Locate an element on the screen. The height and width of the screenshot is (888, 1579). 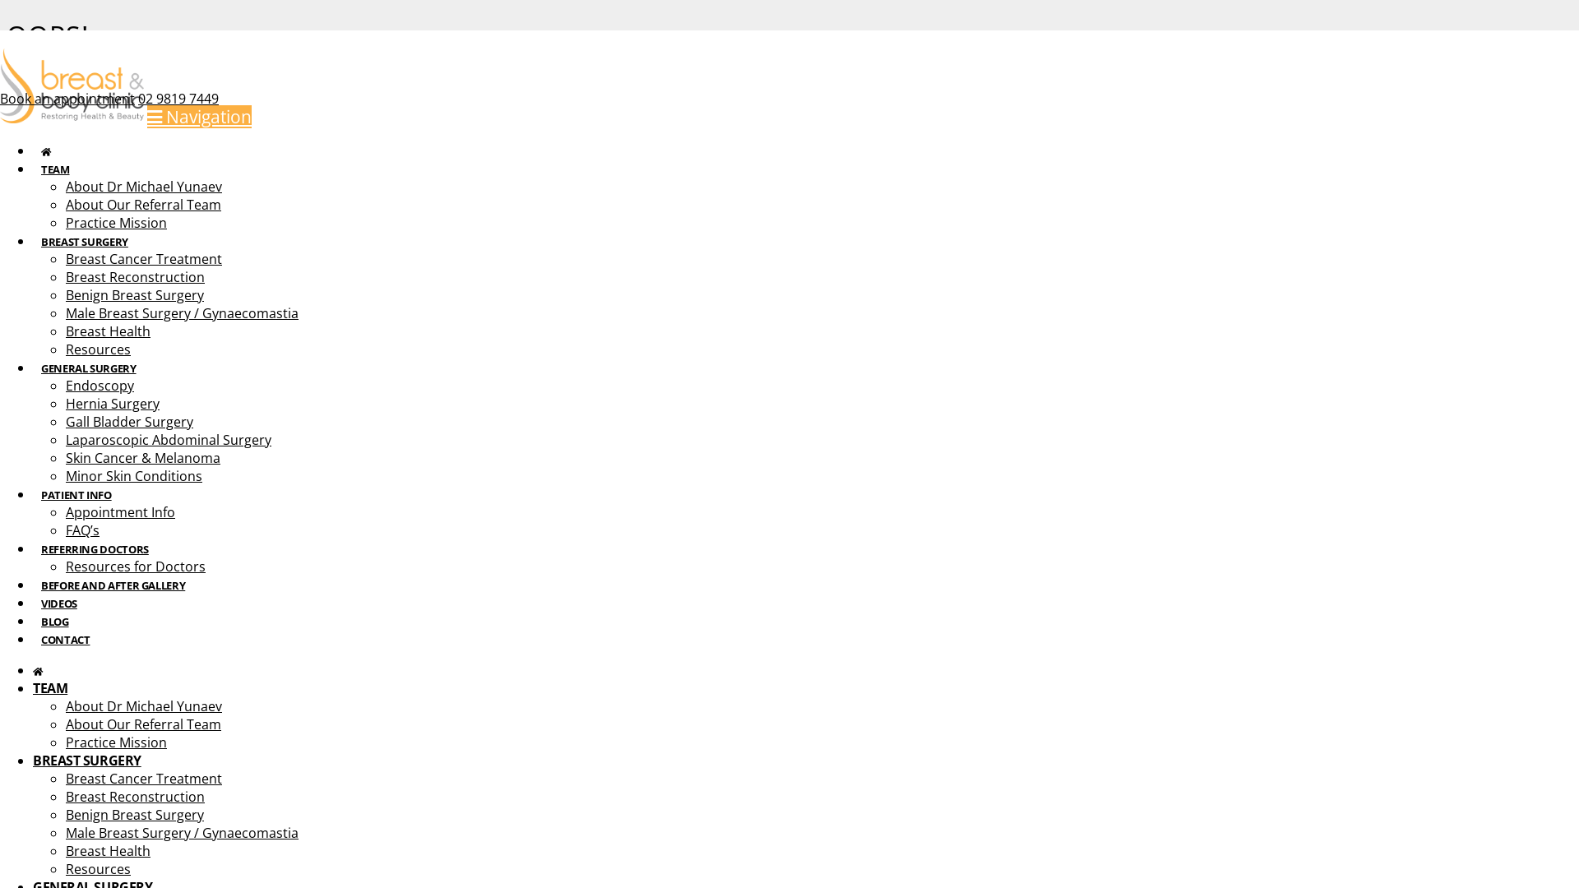
'Instagram' is located at coordinates (16, 38).